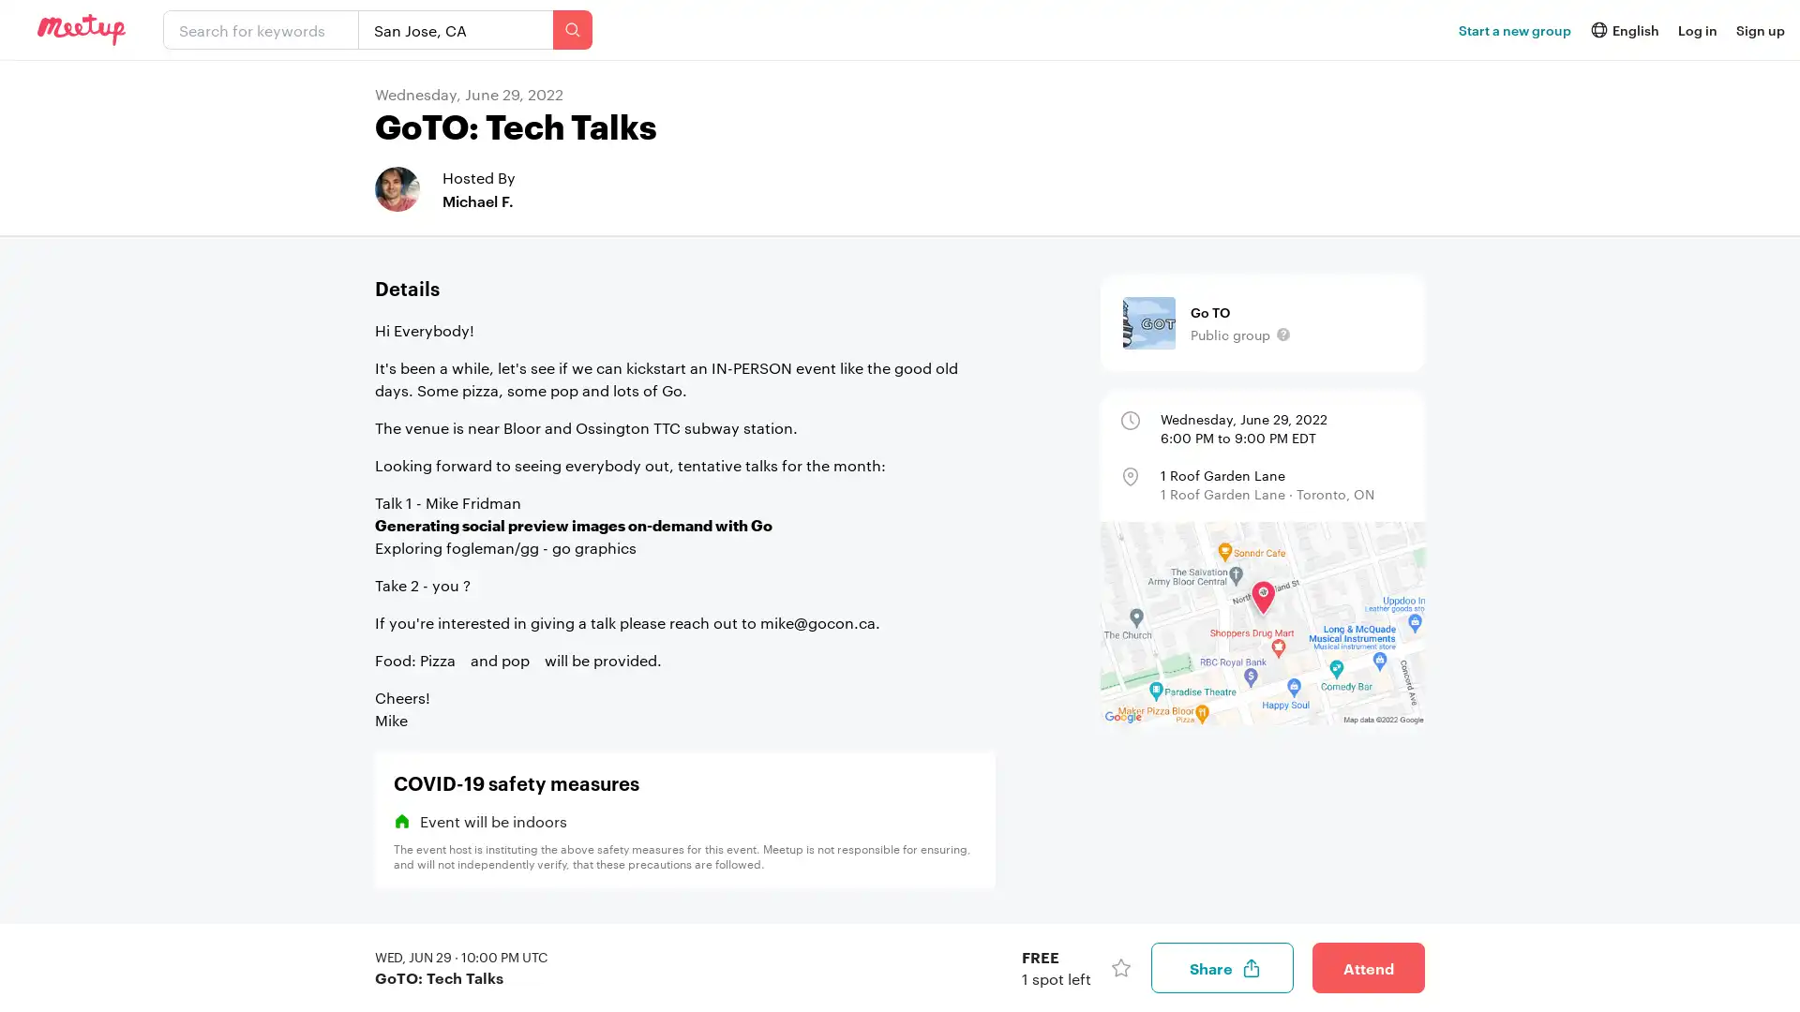  What do you see at coordinates (1120, 968) in the screenshot?
I see `Save event` at bounding box center [1120, 968].